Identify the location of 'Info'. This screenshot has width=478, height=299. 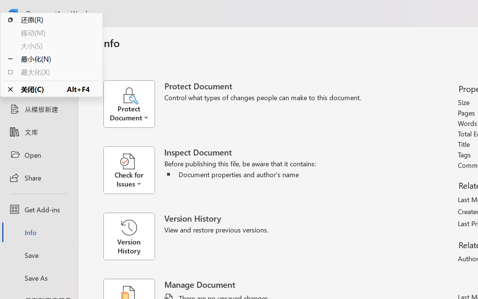
(38, 232).